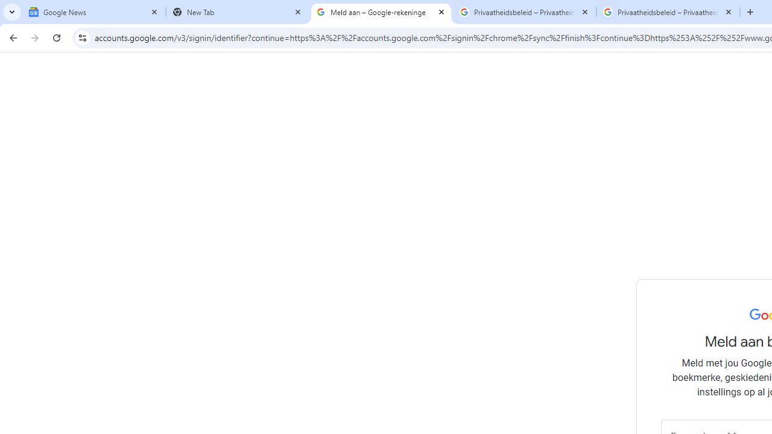  I want to click on 'Google News', so click(93, 12).